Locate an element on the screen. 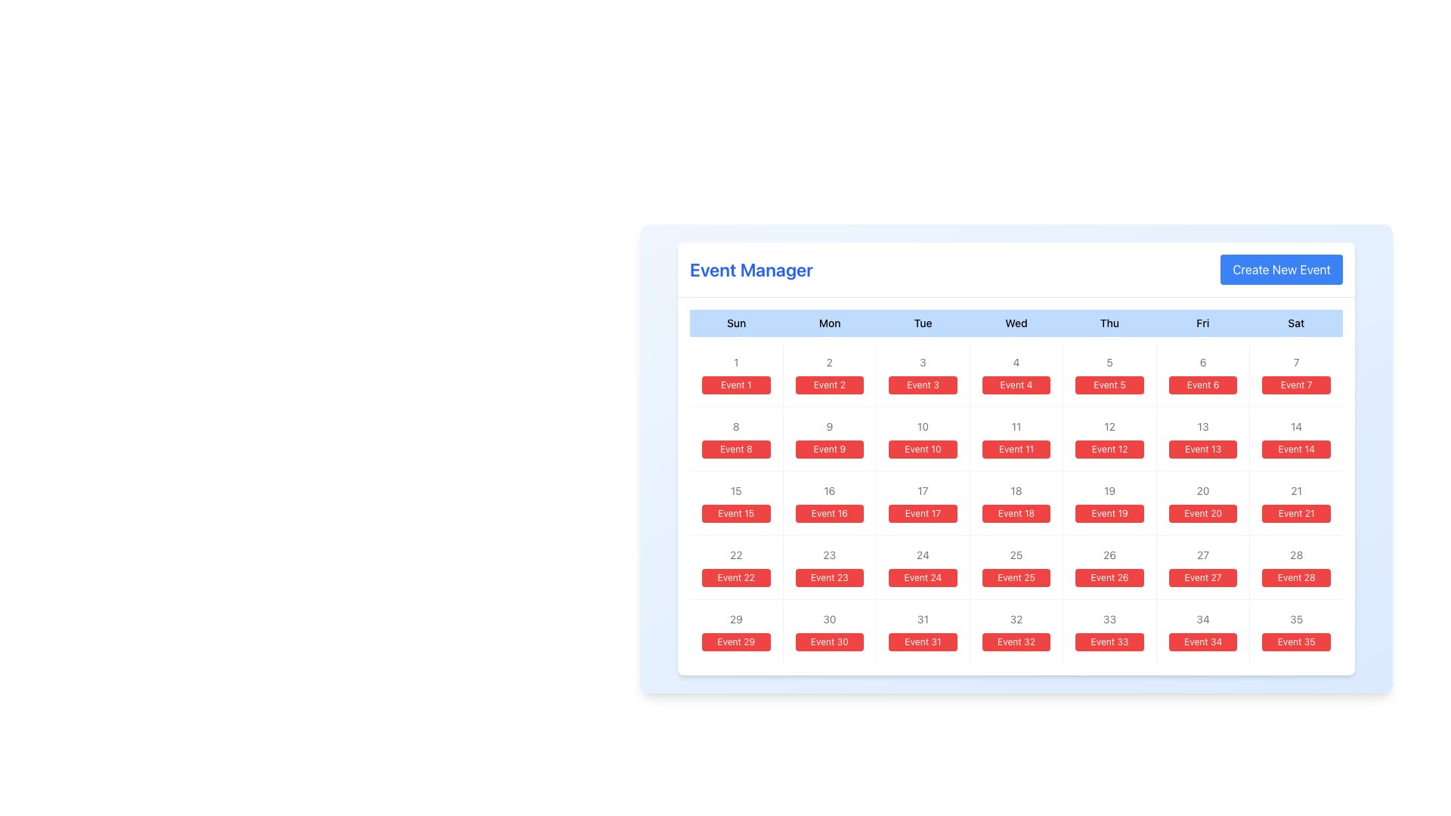 This screenshot has height=816, width=1451. the interactive calendar day block representing 'Event 22' located in the central section of the calendar grid under the 'Sun' column and the fourth row is located at coordinates (736, 567).